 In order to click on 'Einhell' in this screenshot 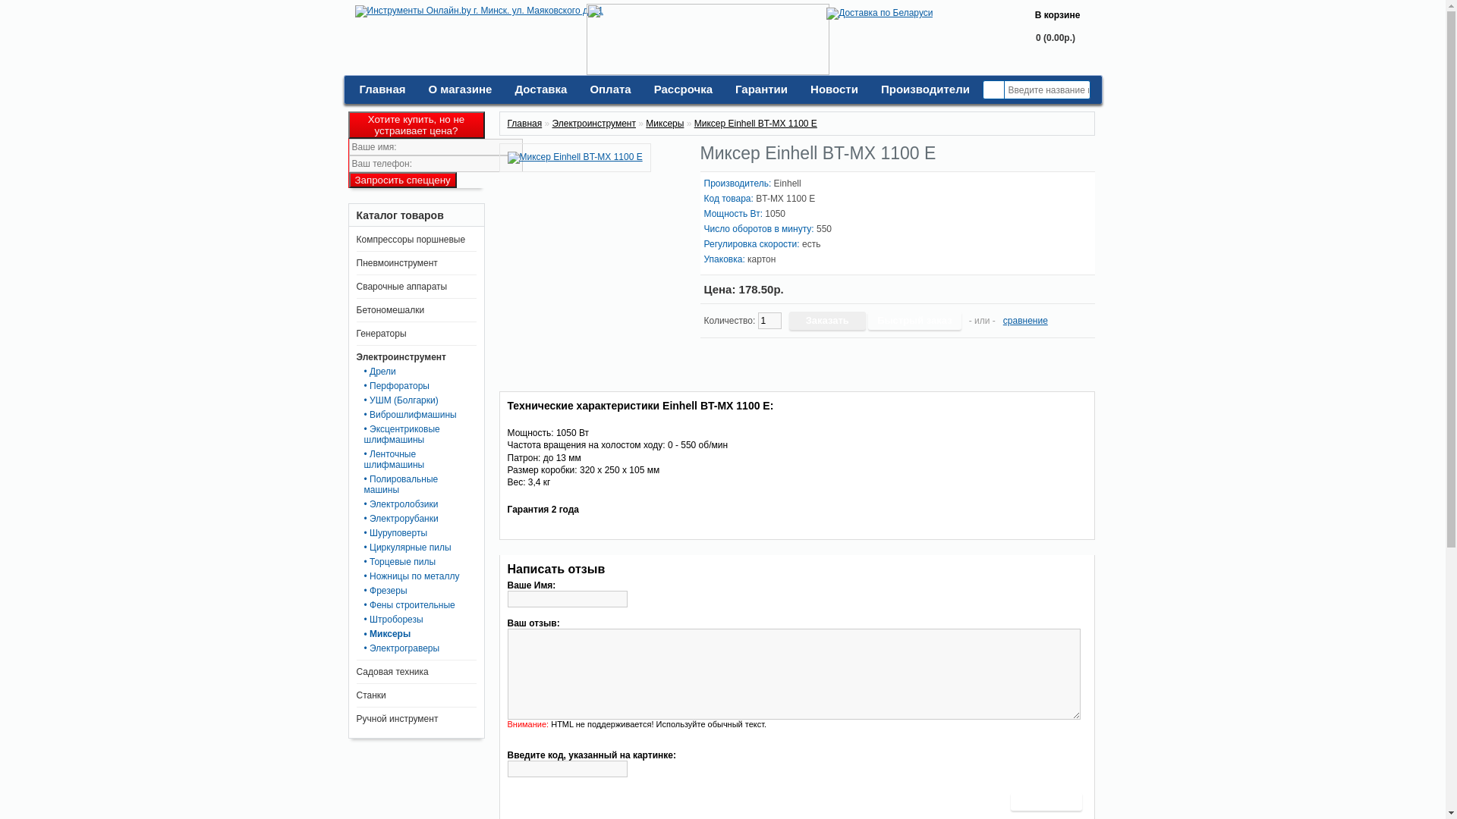, I will do `click(773, 183)`.